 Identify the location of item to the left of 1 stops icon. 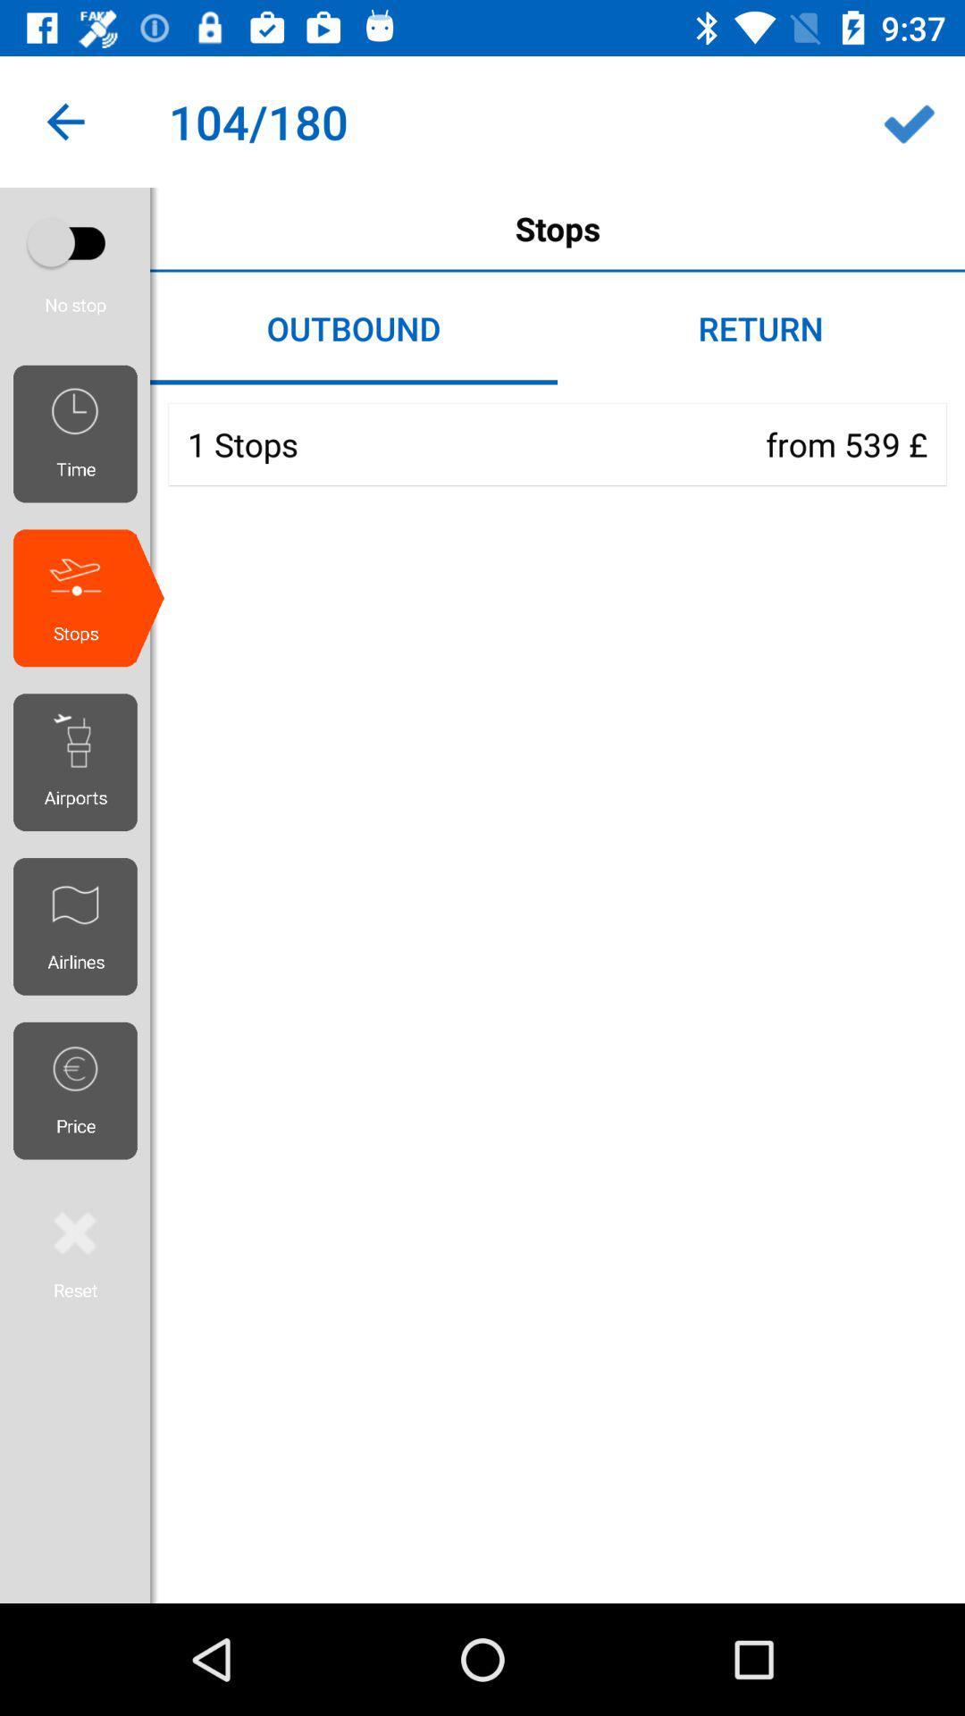
(81, 433).